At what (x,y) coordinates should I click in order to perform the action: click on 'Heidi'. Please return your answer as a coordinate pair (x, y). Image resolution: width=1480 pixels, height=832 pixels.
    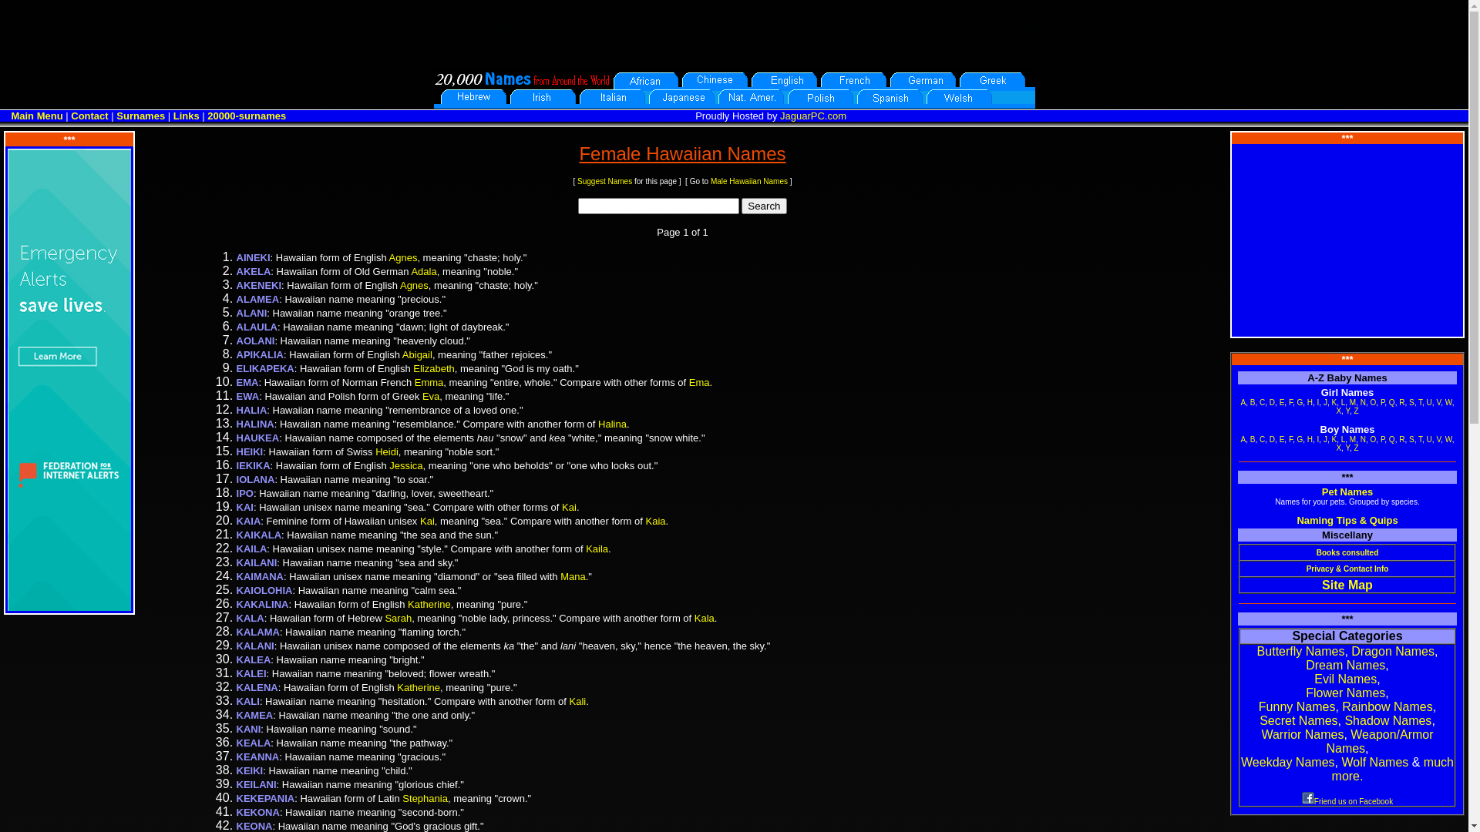
    Looking at the image, I should click on (387, 451).